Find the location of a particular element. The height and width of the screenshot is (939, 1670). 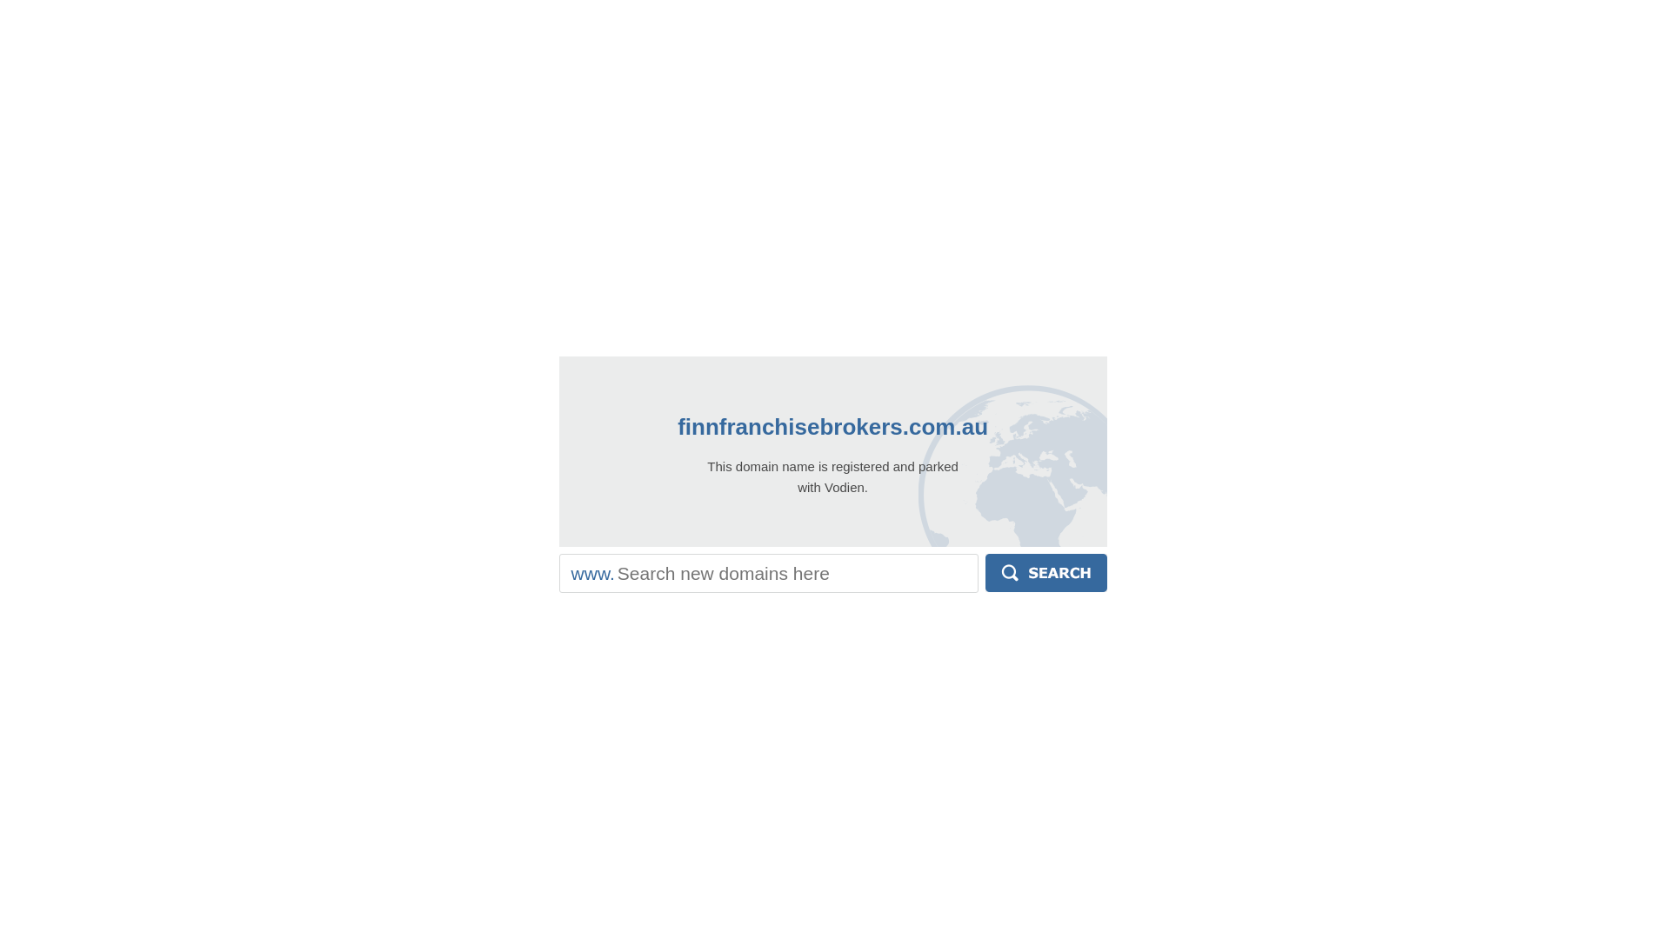

'Search' is located at coordinates (1045, 573).